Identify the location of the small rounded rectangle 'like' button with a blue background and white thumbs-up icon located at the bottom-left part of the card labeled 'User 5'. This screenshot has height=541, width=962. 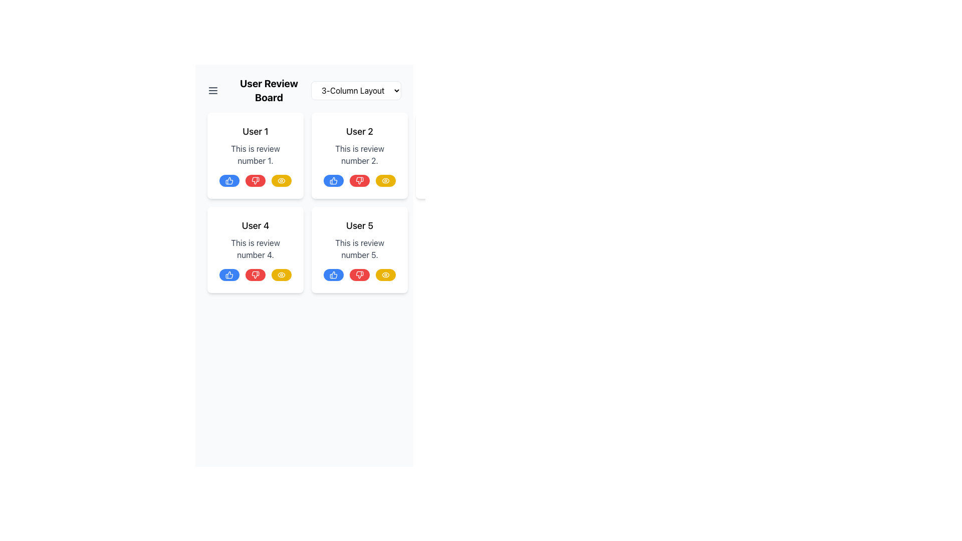
(334, 275).